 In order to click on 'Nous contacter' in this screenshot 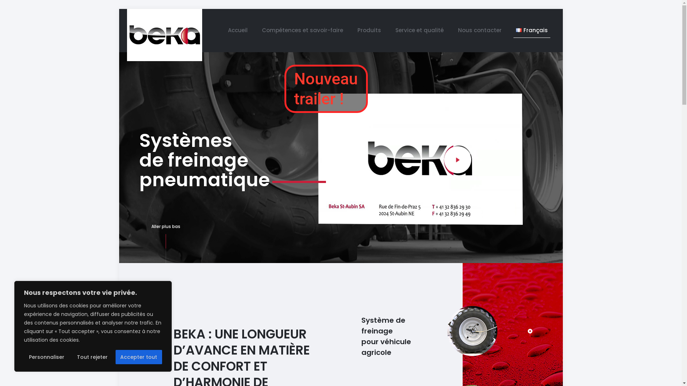, I will do `click(450, 30)`.